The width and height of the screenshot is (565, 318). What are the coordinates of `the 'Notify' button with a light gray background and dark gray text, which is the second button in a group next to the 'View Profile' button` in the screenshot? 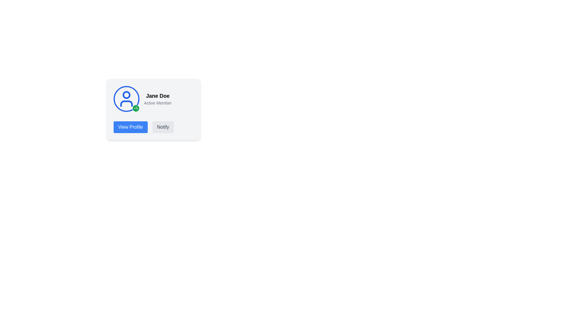 It's located at (163, 127).